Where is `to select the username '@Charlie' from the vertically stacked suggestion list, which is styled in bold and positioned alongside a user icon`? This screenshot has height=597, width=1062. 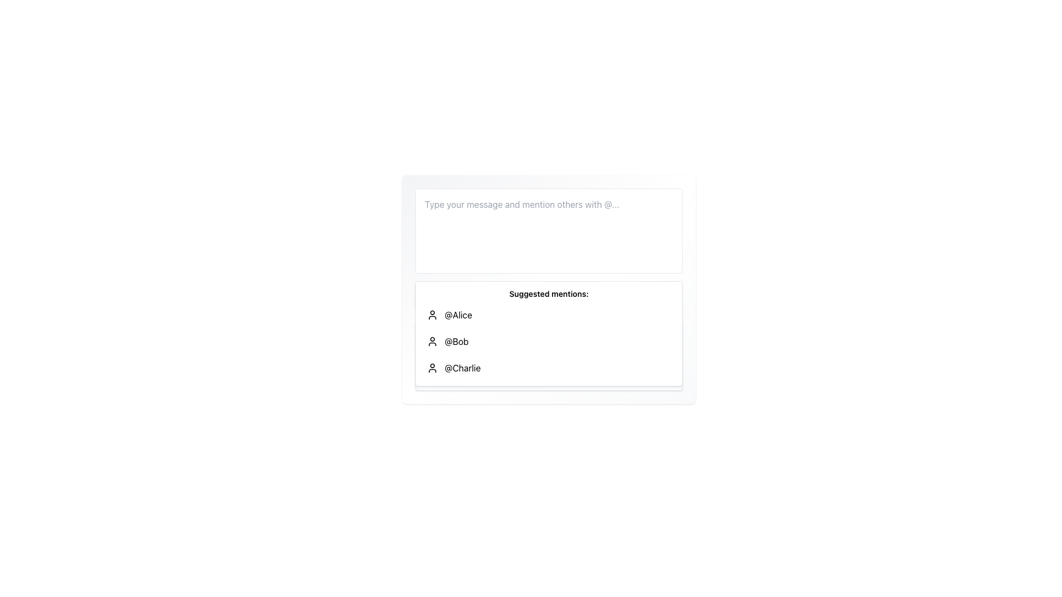 to select the username '@Charlie' from the vertically stacked suggestion list, which is styled in bold and positioned alongside a user icon is located at coordinates (462, 368).